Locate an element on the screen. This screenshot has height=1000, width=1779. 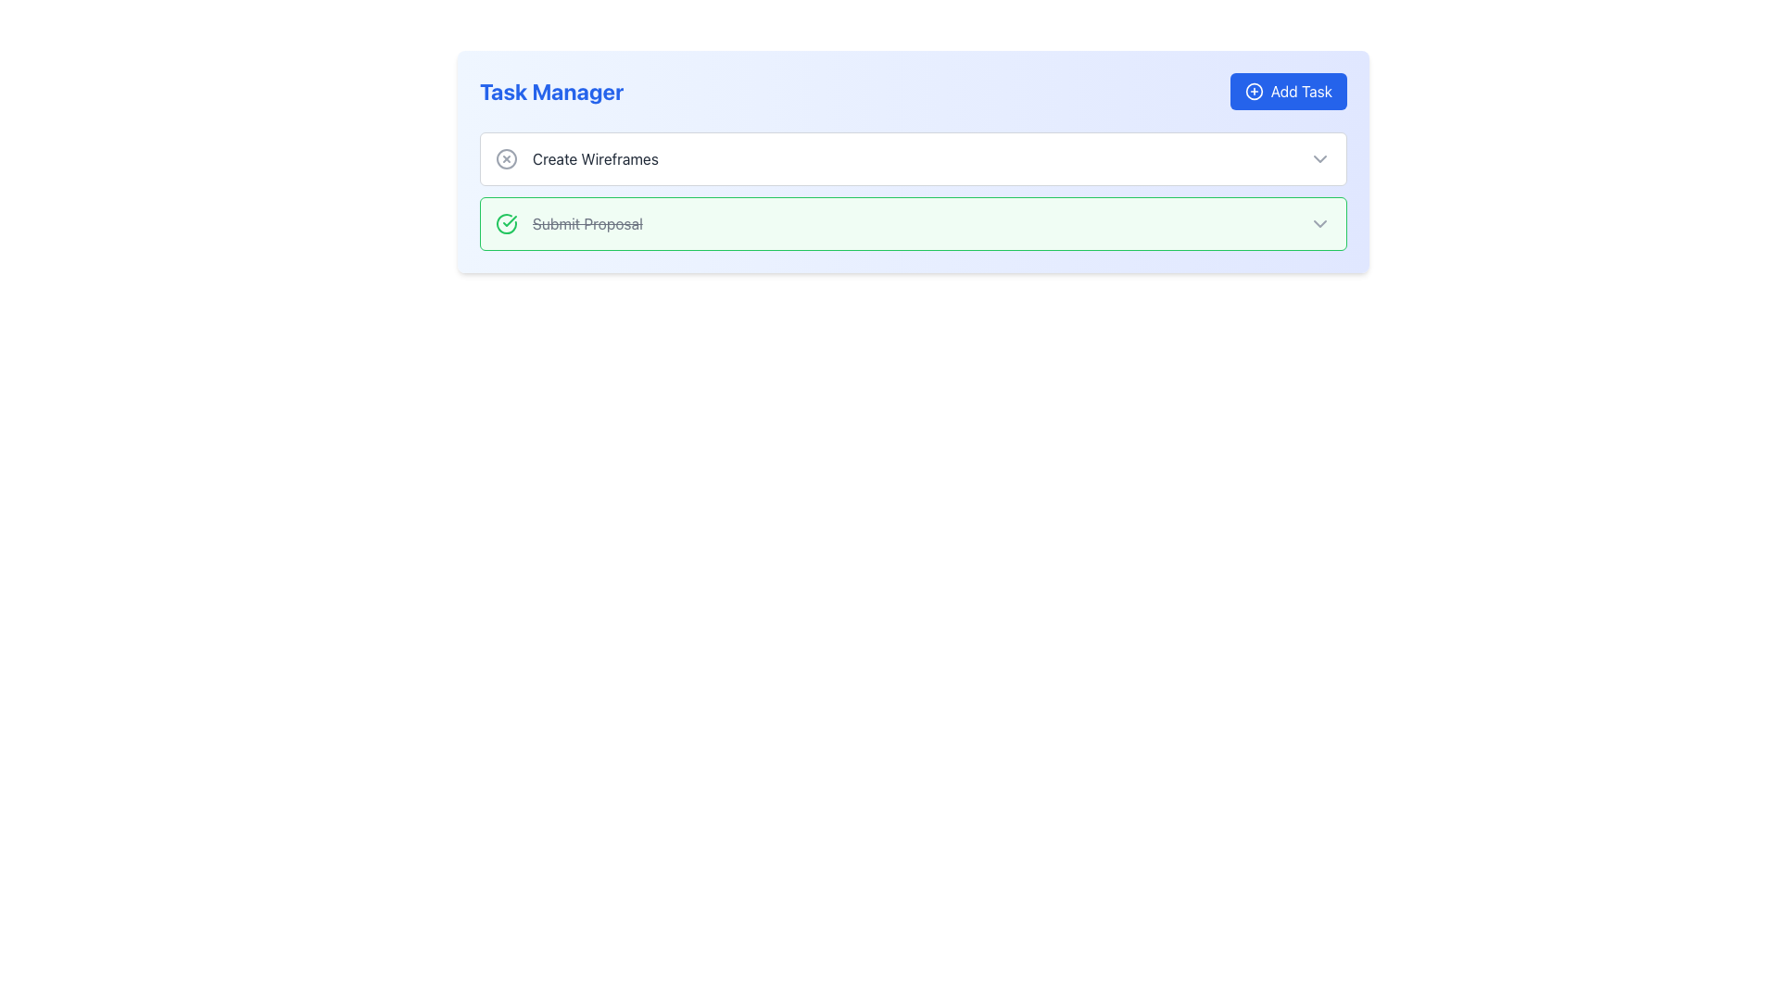
the icon representing the action of adding a task, located at the left end of the 'Add Task' button in the top-right area of the panel is located at coordinates (1254, 92).